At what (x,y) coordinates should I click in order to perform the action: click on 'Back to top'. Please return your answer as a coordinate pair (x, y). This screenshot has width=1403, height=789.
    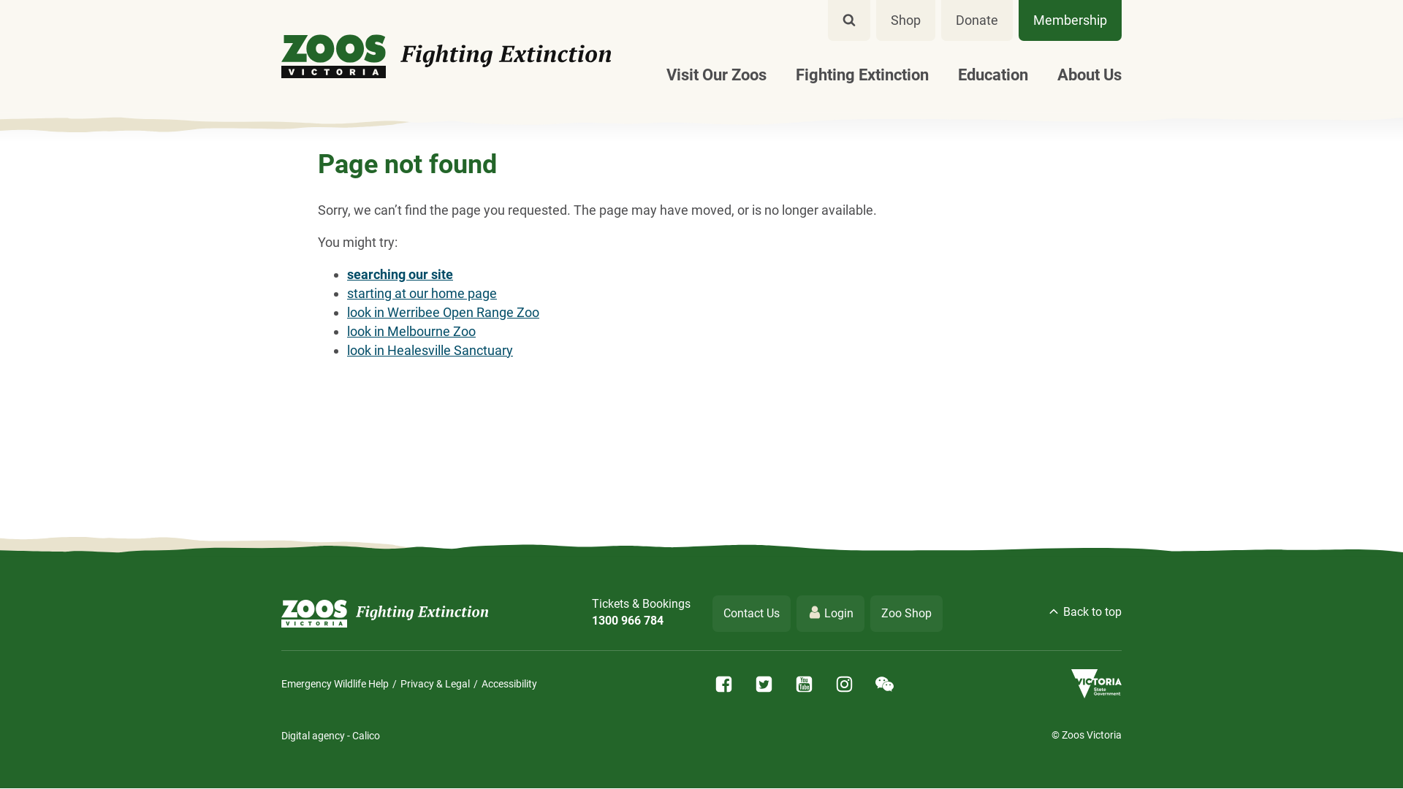
    Looking at the image, I should click on (1084, 614).